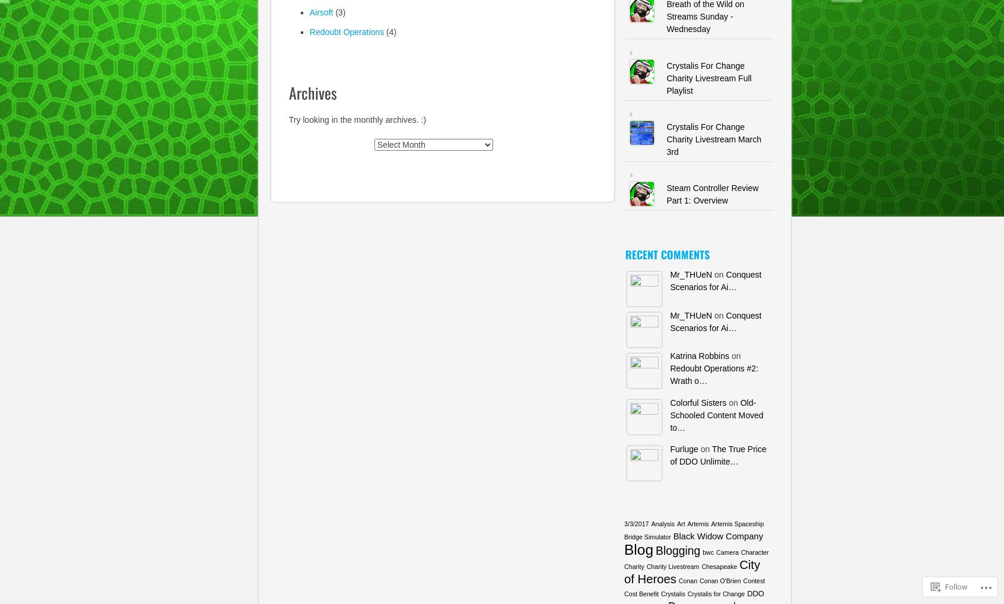 This screenshot has width=1004, height=604. What do you see at coordinates (312, 92) in the screenshot?
I see `'Archives'` at bounding box center [312, 92].